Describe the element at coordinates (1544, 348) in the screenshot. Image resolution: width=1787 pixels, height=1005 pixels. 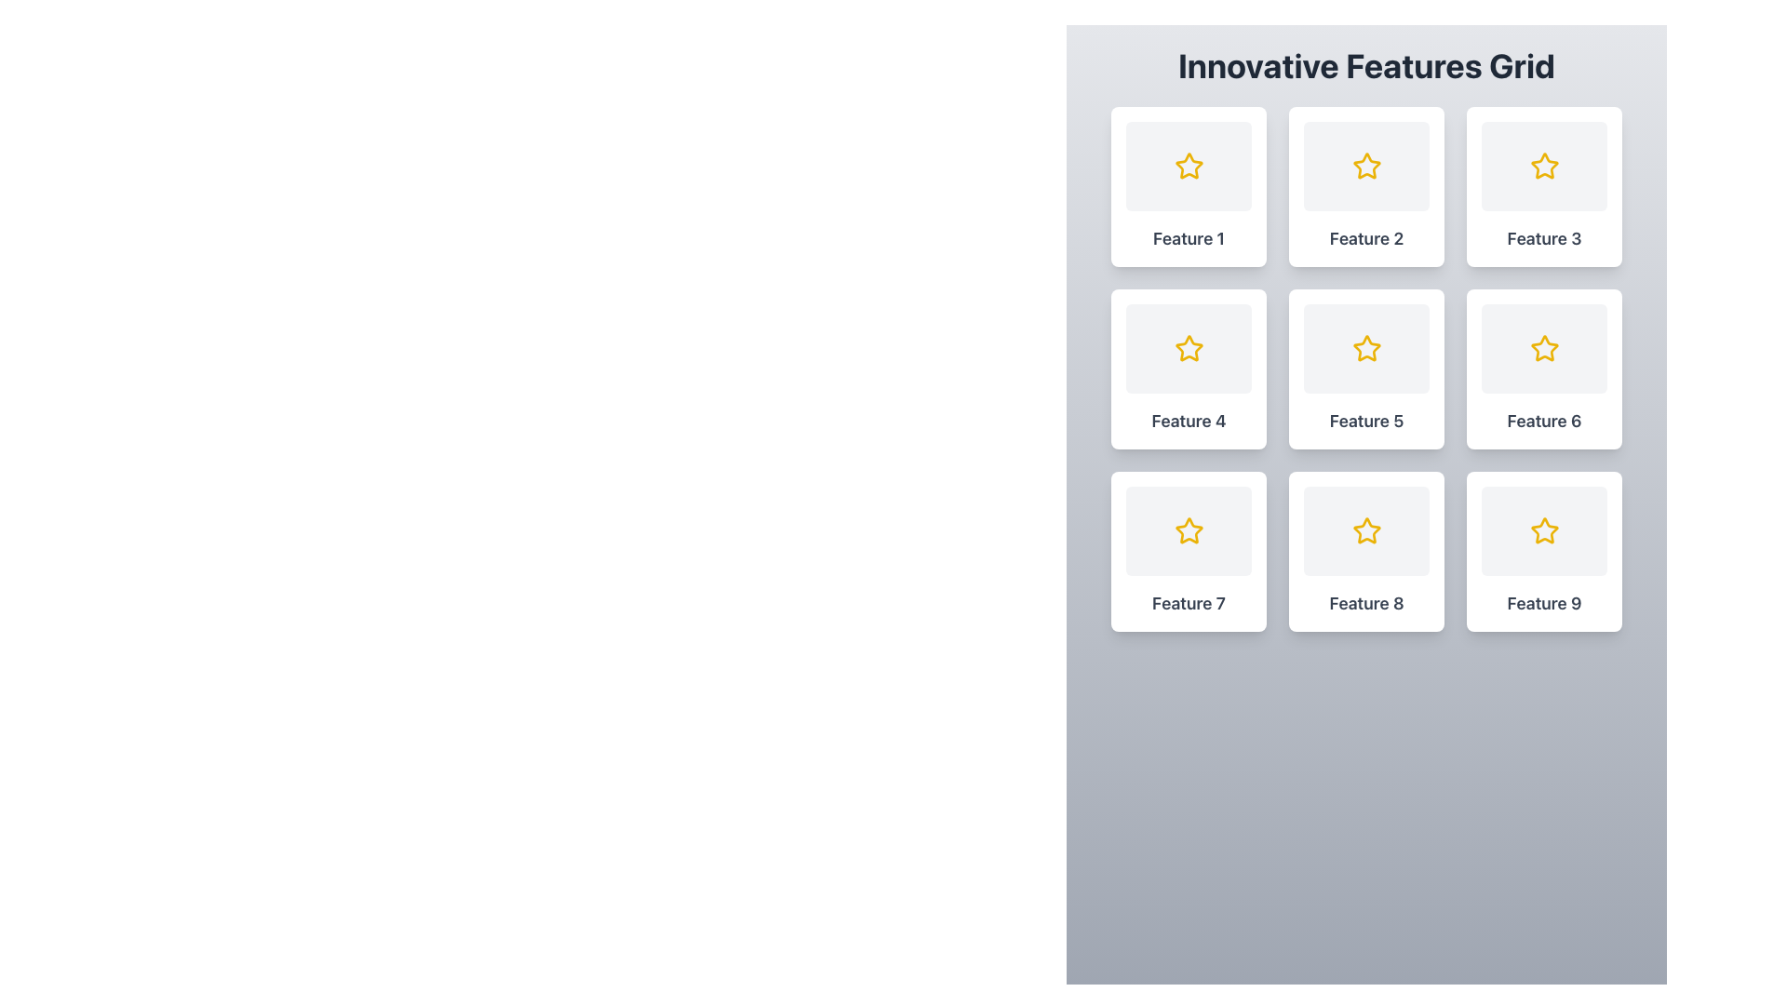
I see `the star icon in the second row and third column of the 'Innovative Features Grid'` at that location.